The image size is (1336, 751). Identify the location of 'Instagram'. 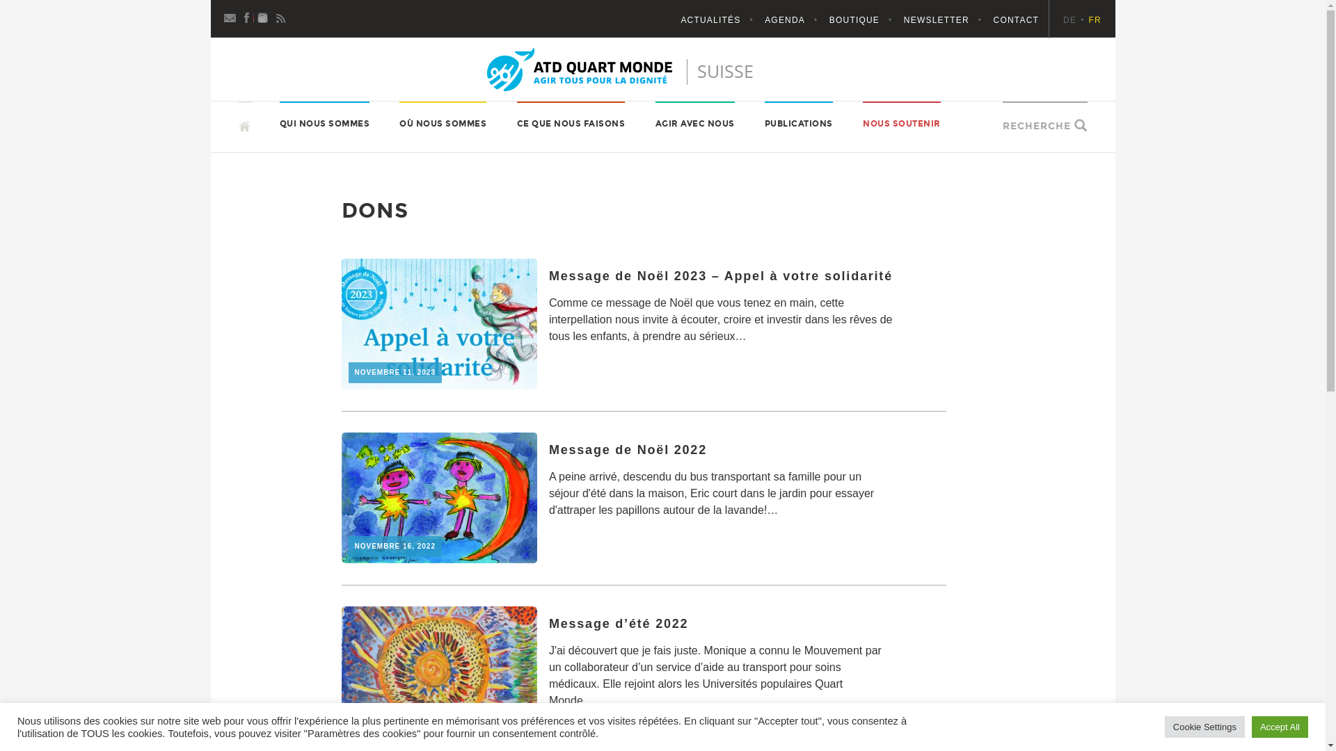
(264, 16).